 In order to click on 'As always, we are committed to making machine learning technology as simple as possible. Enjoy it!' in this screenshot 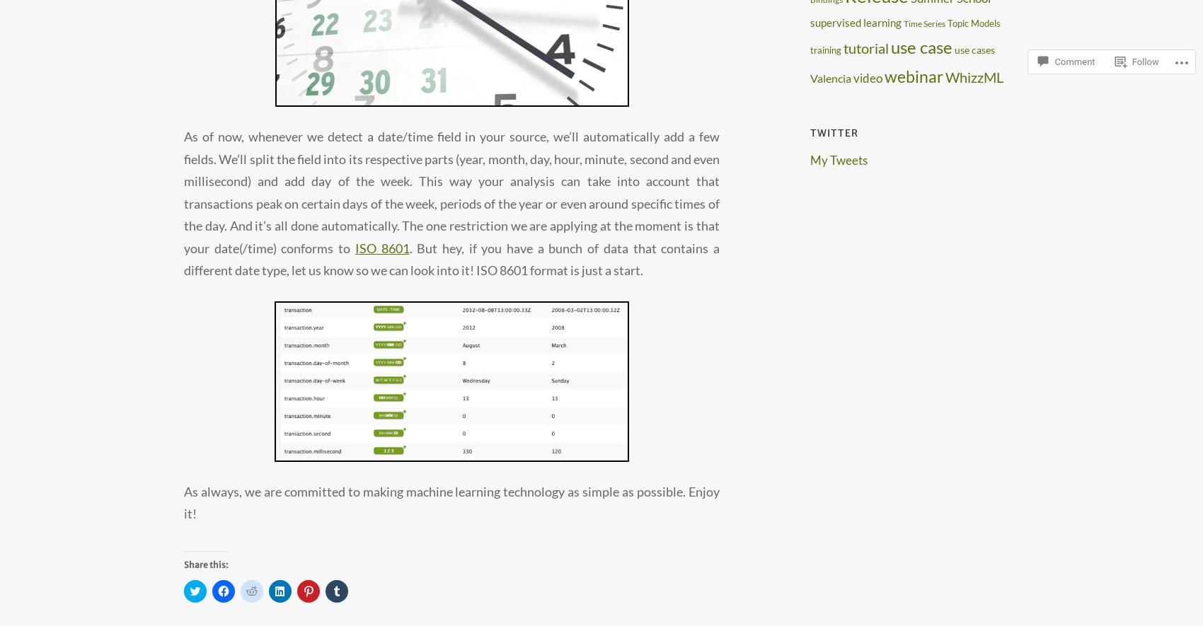, I will do `click(451, 502)`.